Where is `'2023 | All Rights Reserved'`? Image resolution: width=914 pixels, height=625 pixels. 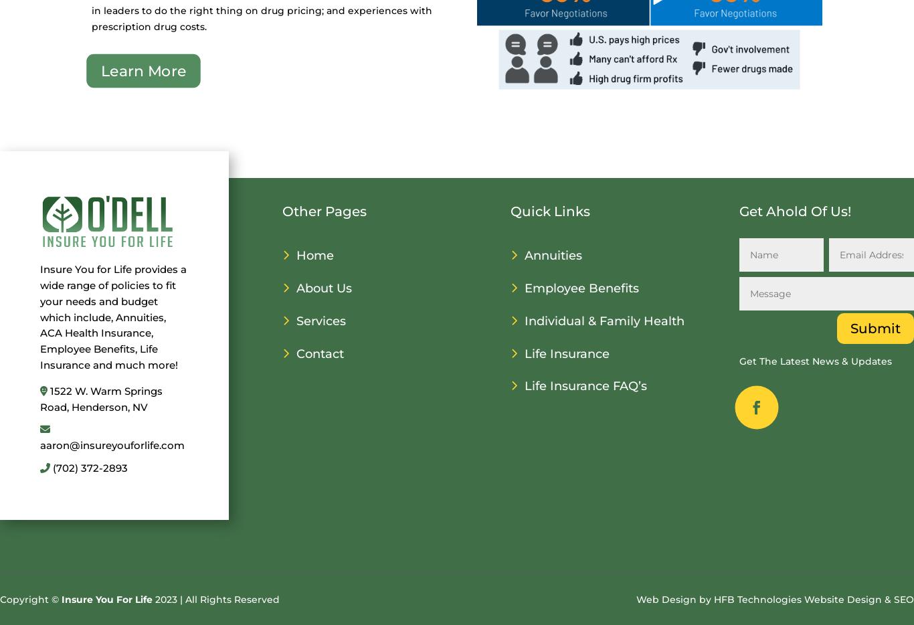 '2023 | All Rights Reserved' is located at coordinates (216, 599).